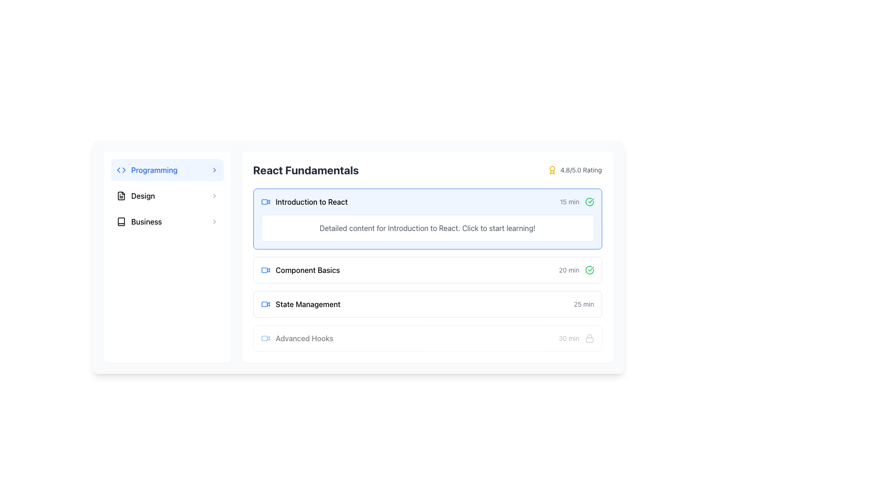 The width and height of the screenshot is (886, 498). What do you see at coordinates (304, 338) in the screenshot?
I see `the 'Advanced Hooks' text label` at bounding box center [304, 338].